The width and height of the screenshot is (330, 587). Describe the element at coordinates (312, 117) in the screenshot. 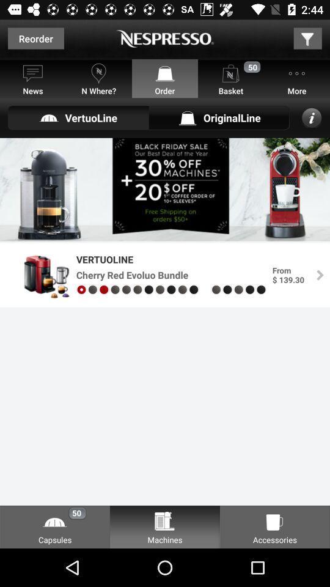

I see `the info icon` at that location.